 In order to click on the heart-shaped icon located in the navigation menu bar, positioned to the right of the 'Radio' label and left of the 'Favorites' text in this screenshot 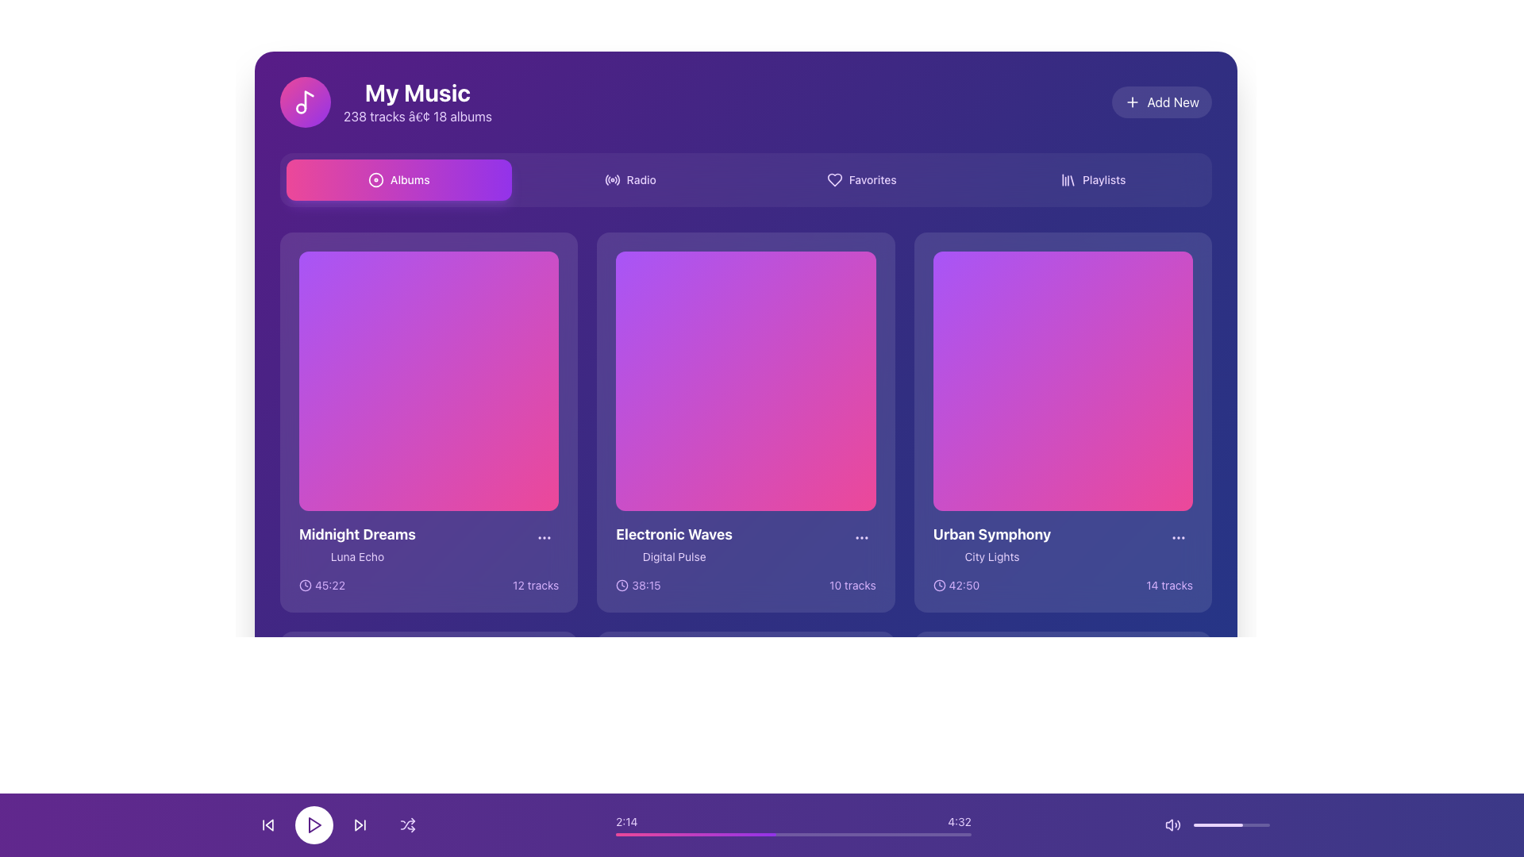, I will do `click(833, 179)`.